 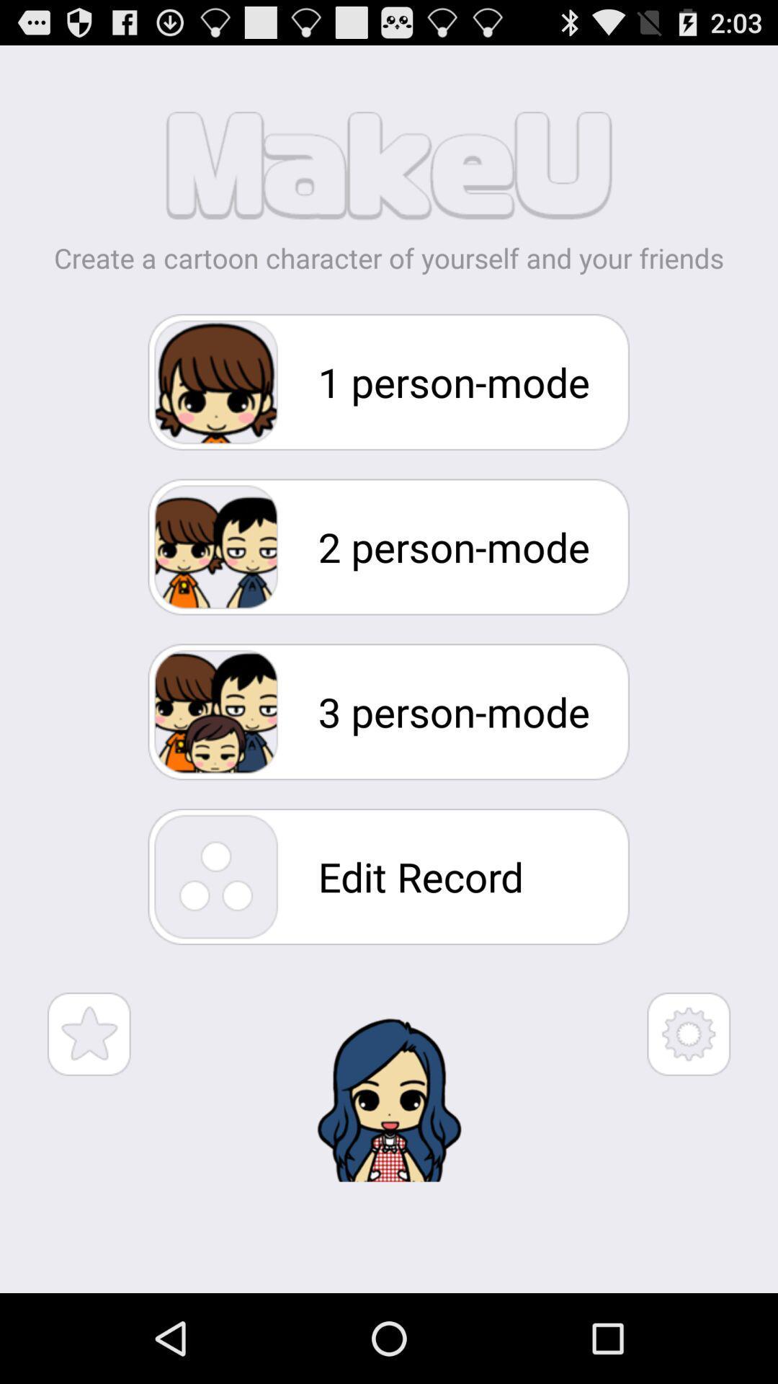 What do you see at coordinates (688, 1033) in the screenshot?
I see `settings` at bounding box center [688, 1033].